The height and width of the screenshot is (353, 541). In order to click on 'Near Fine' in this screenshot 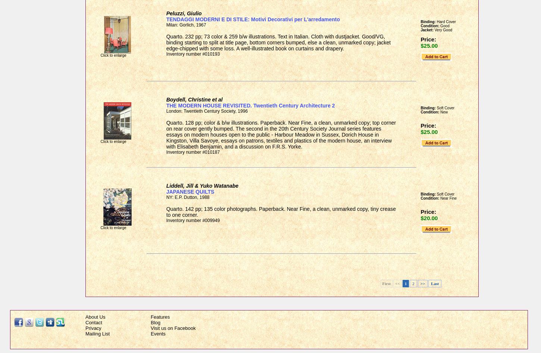, I will do `click(447, 198)`.